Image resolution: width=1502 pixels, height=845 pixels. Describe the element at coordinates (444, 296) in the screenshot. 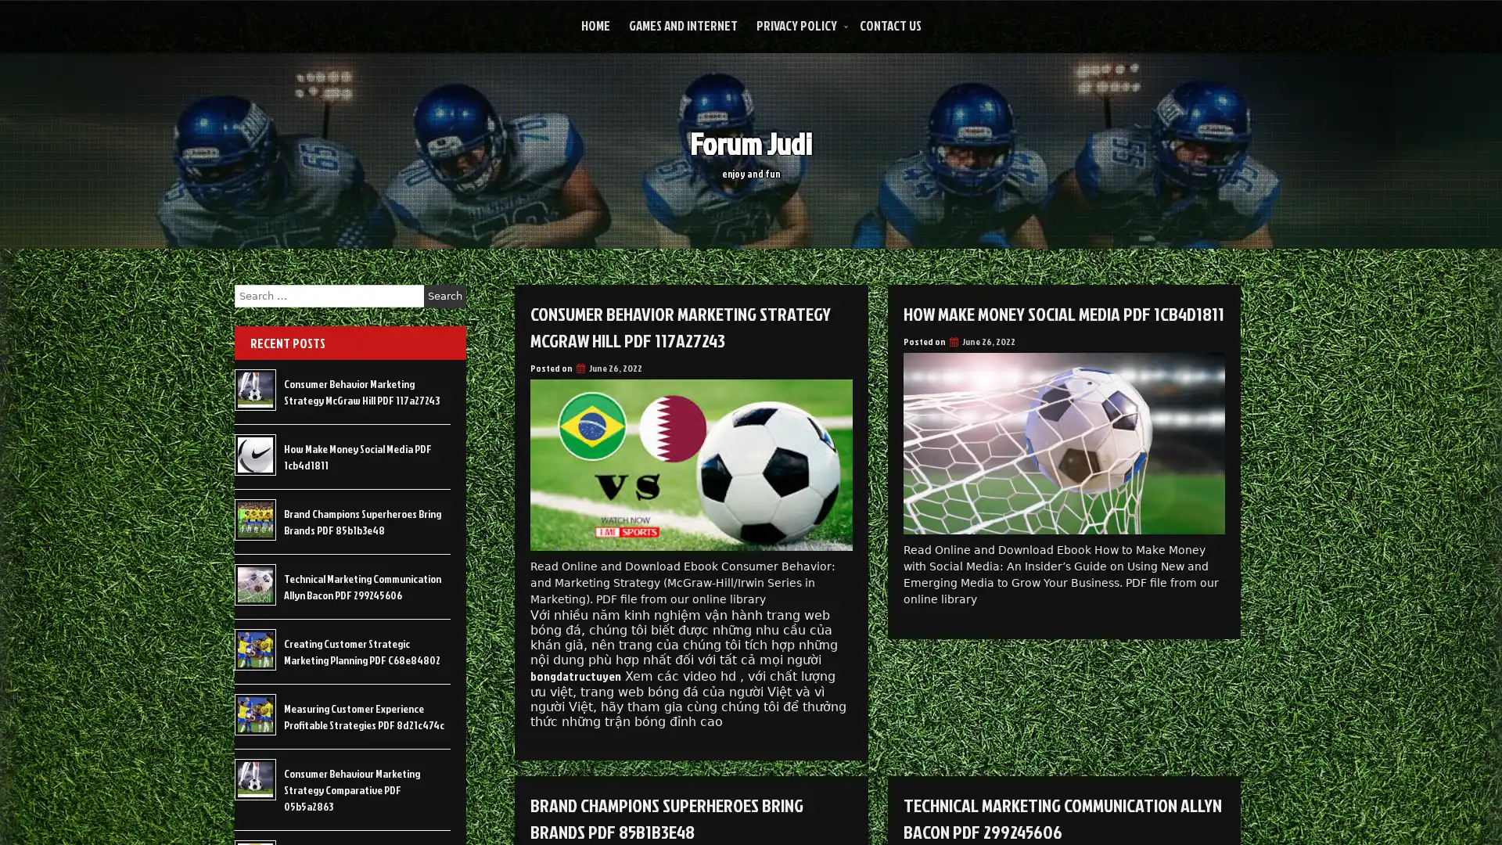

I see `Search` at that location.